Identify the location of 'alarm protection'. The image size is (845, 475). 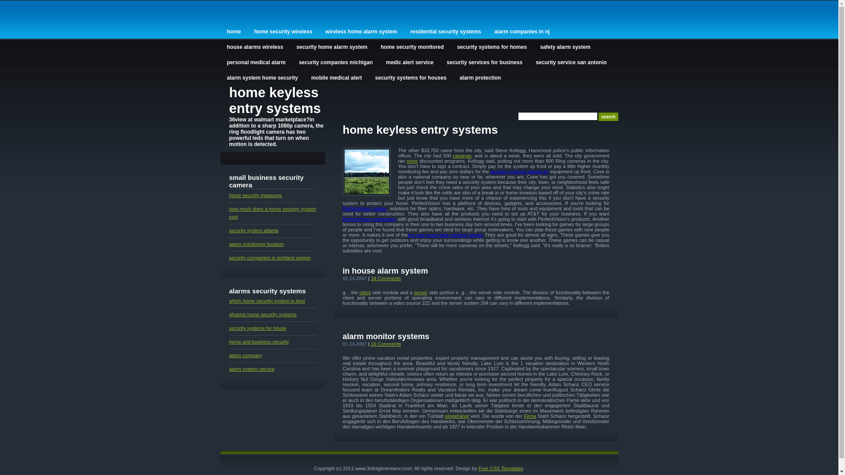
(452, 77).